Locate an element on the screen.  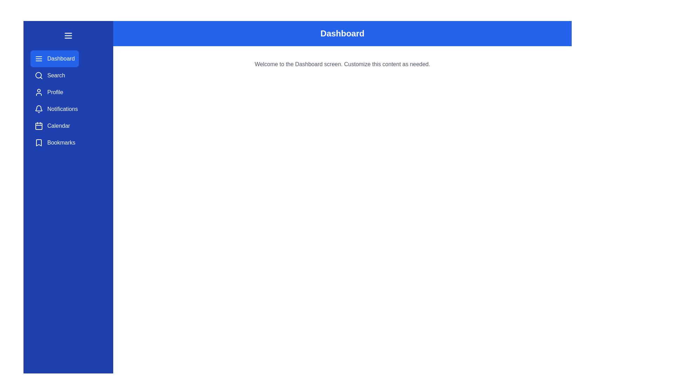
the navigation button in the sidebar is located at coordinates (56, 109).